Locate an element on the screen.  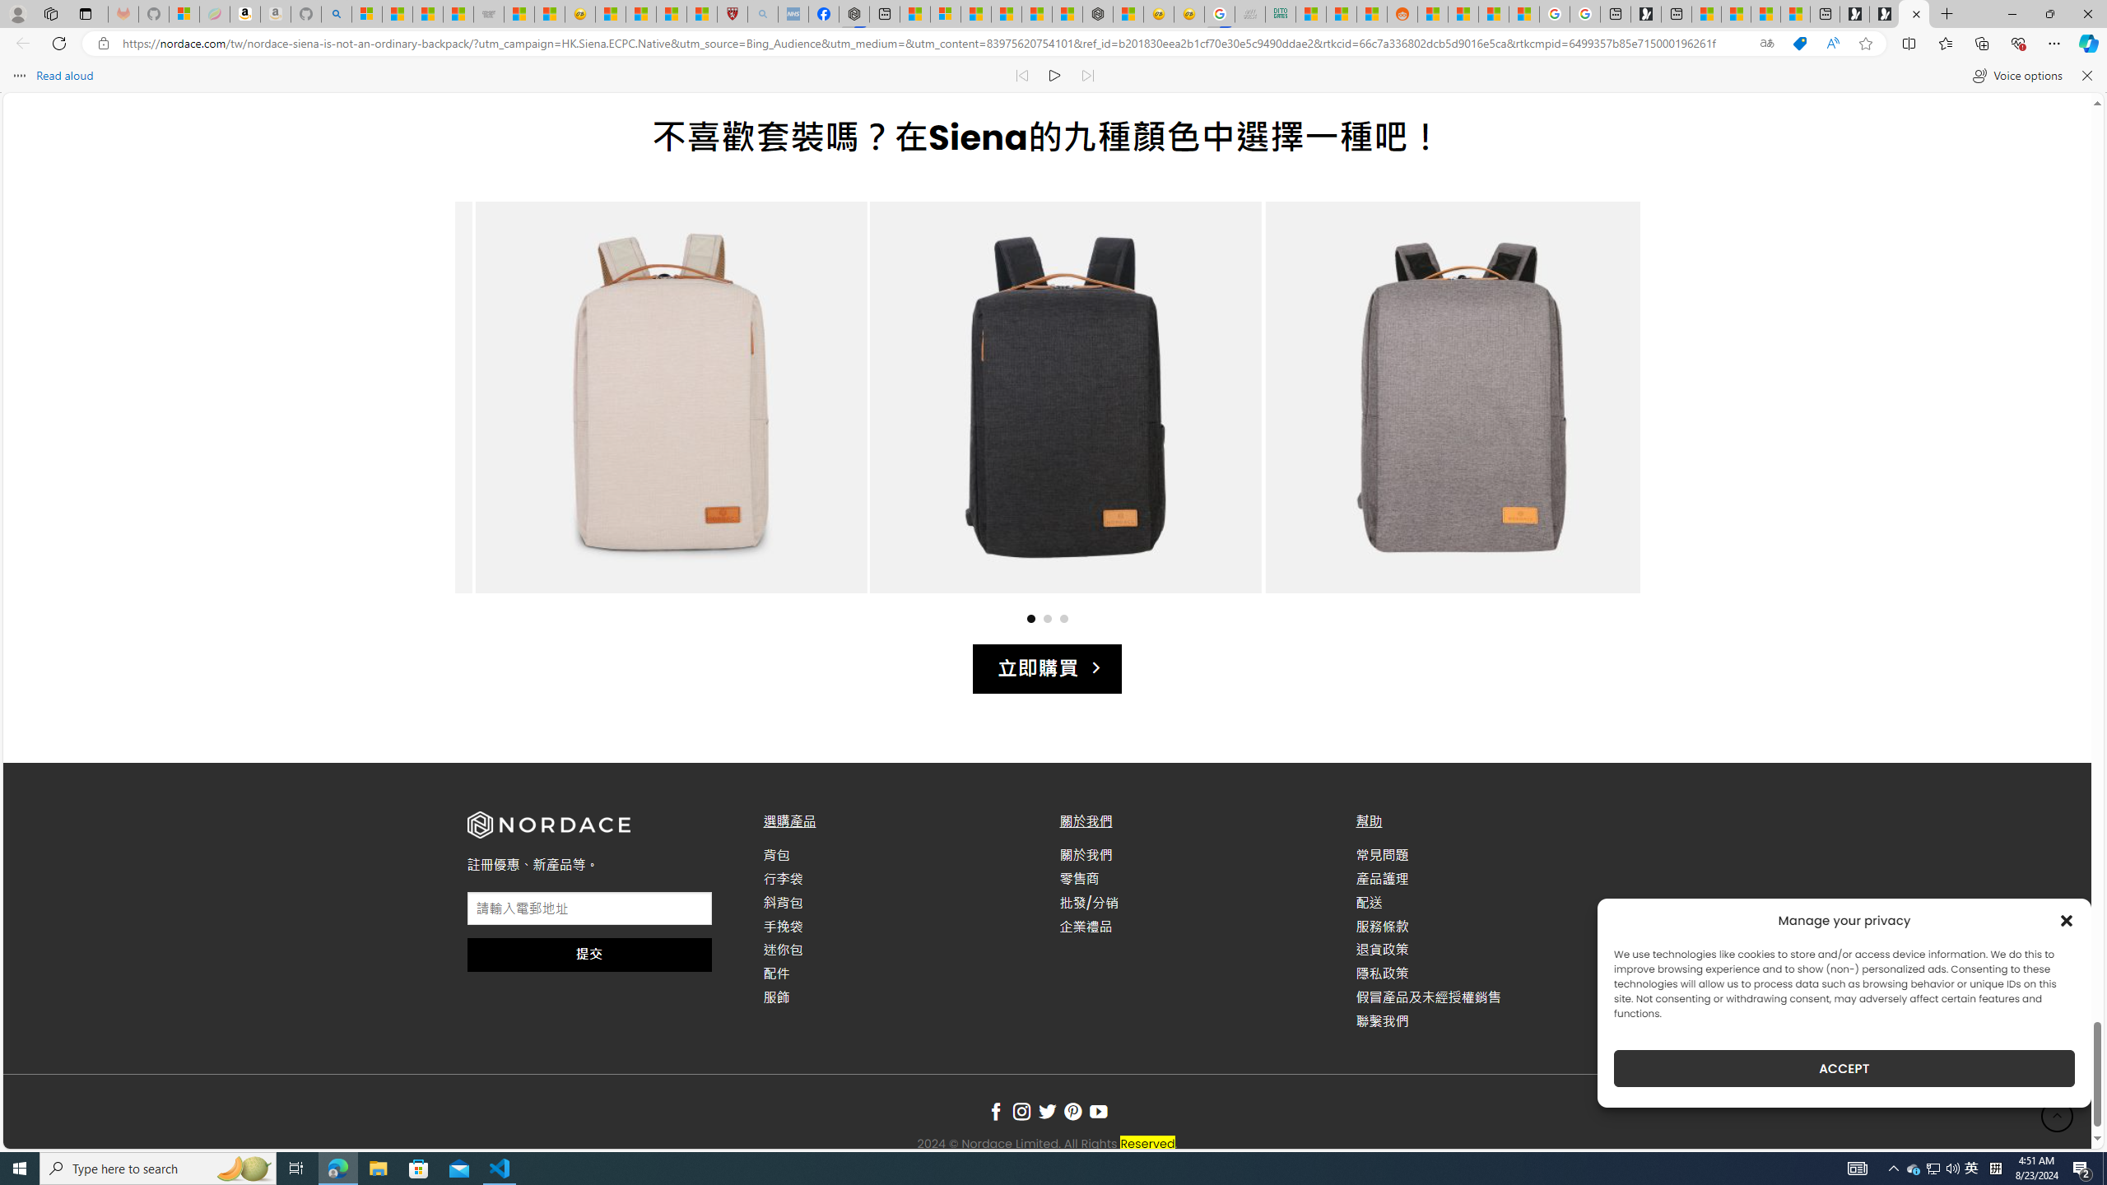
'Follow on Pinterest' is located at coordinates (1072, 1112).